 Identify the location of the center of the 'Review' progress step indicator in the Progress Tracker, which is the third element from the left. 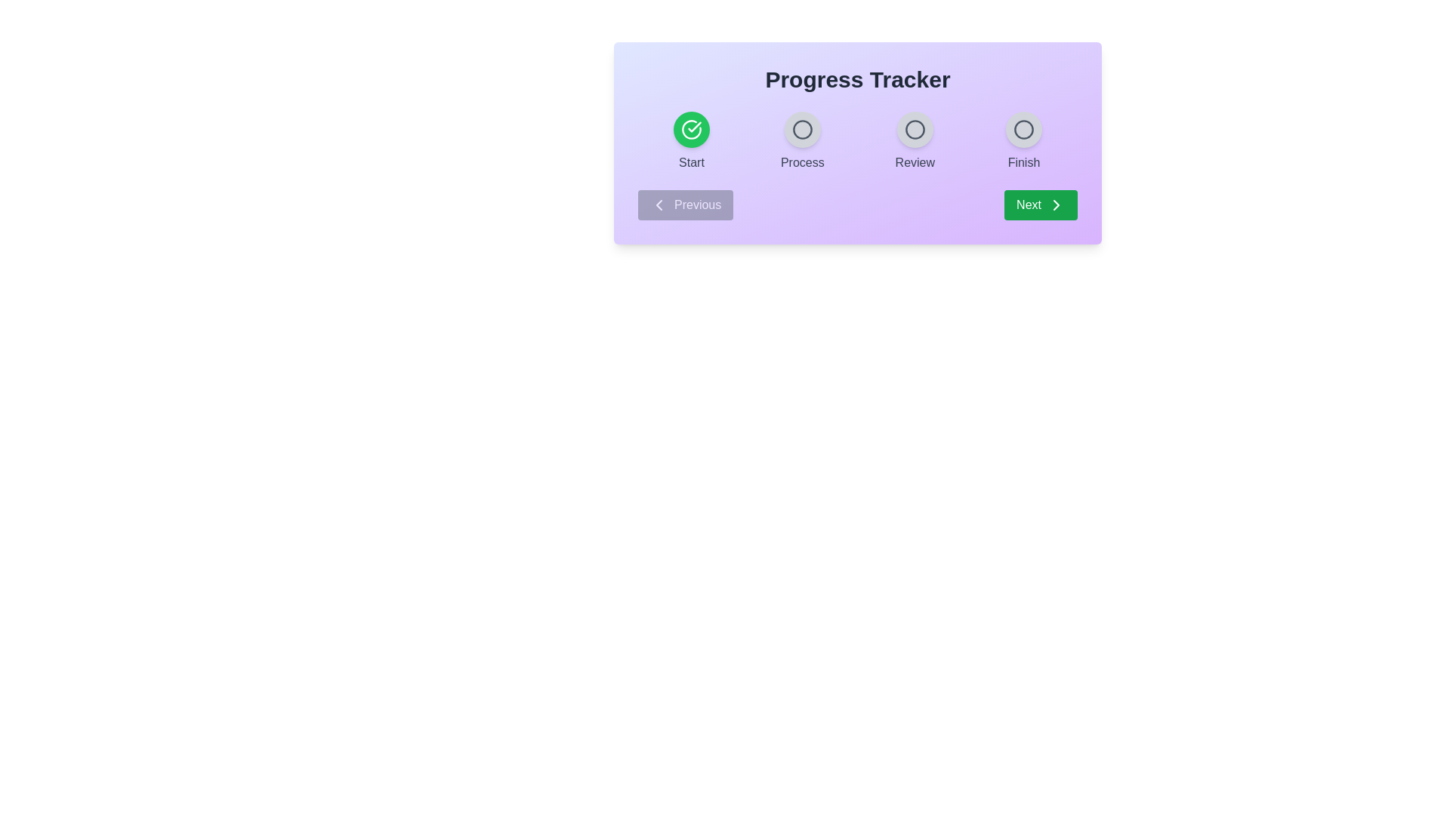
(914, 142).